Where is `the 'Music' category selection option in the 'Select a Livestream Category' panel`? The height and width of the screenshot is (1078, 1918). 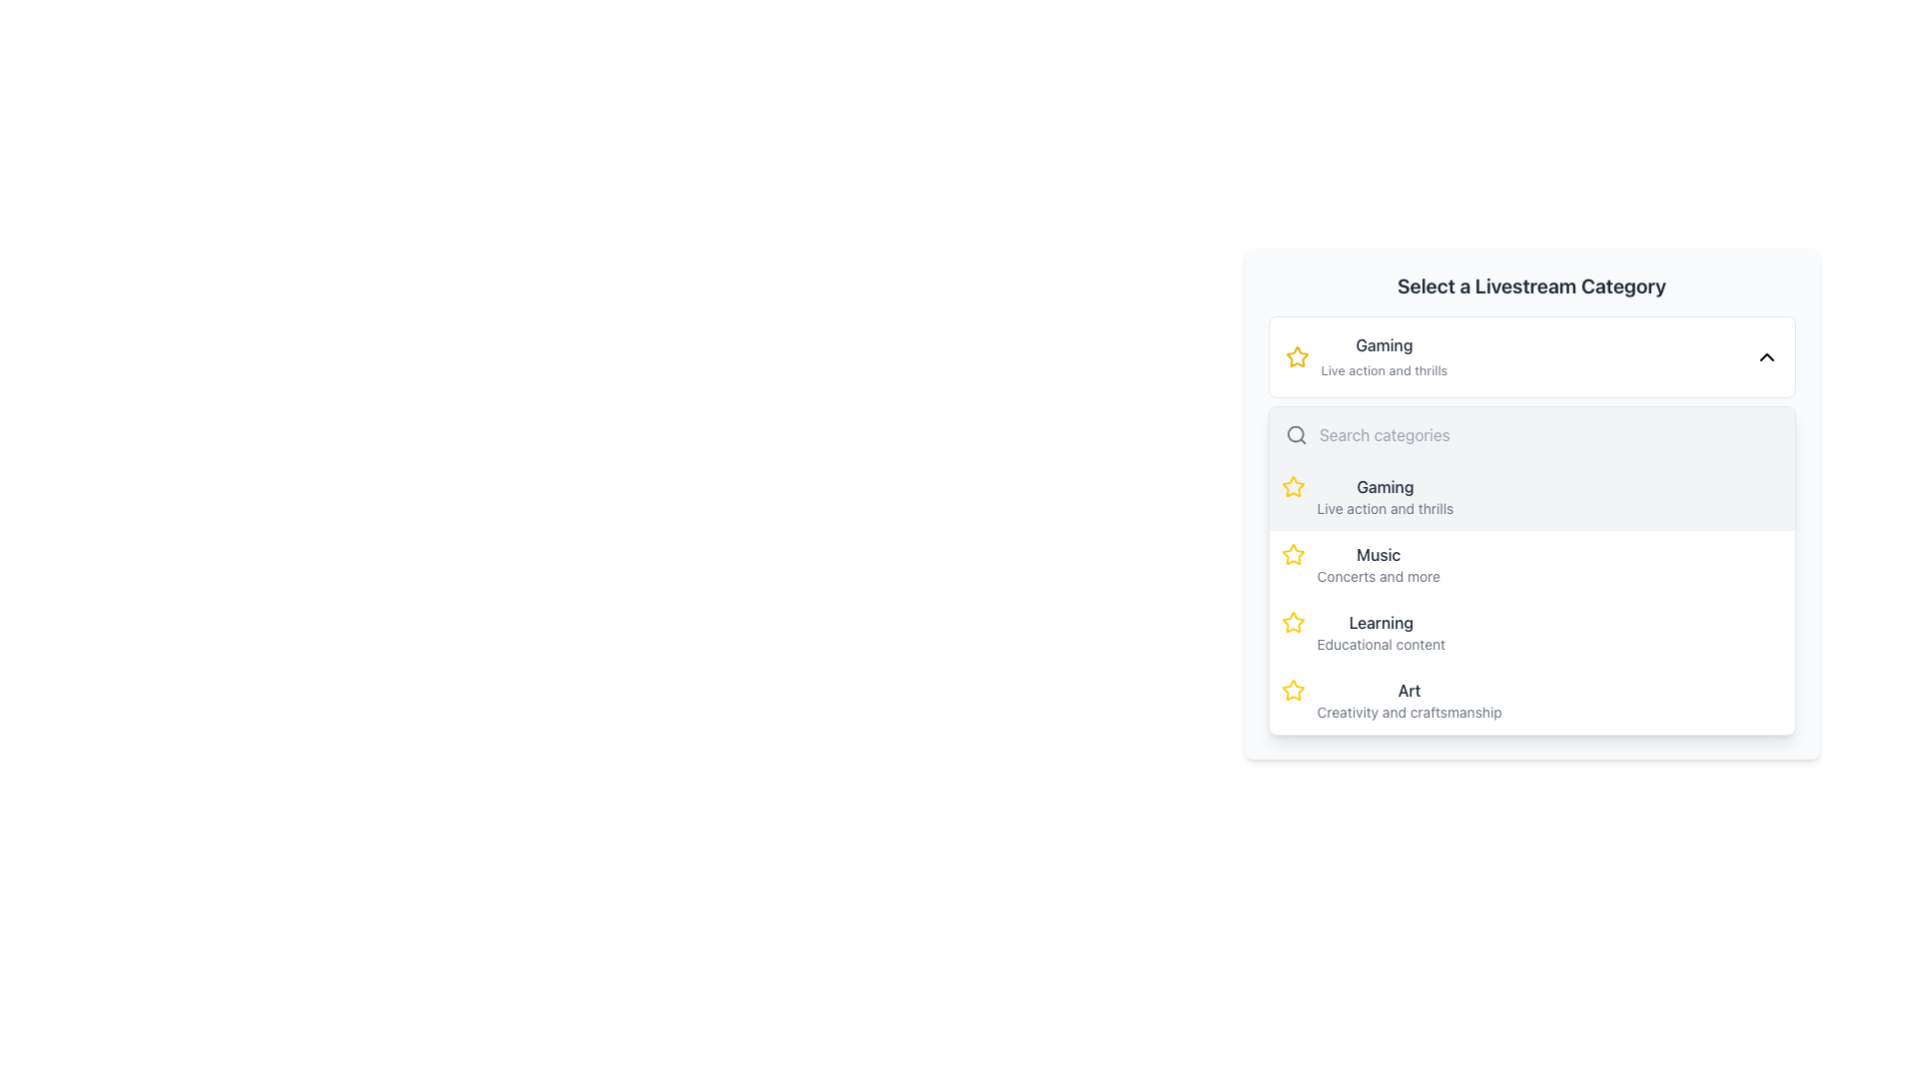
the 'Music' category selection option in the 'Select a Livestream Category' panel is located at coordinates (1378, 565).